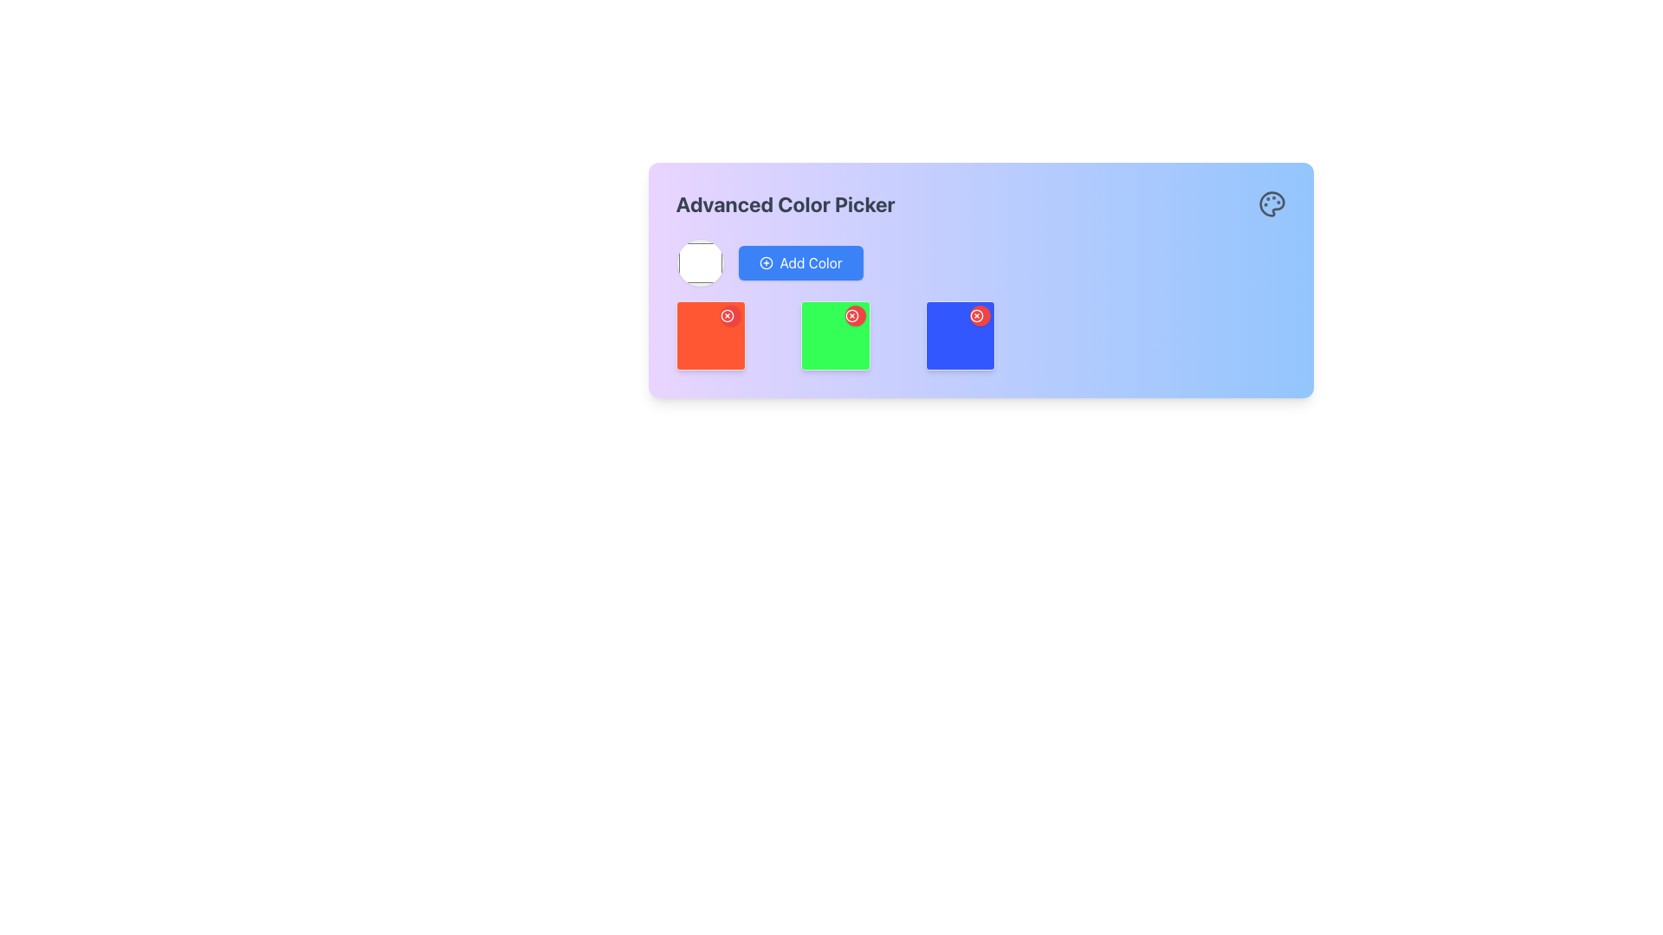 This screenshot has height=935, width=1663. I want to click on the circular plus icon within the SVG component located at the center of the 'Advanced Color Picker' section, so click(765, 263).